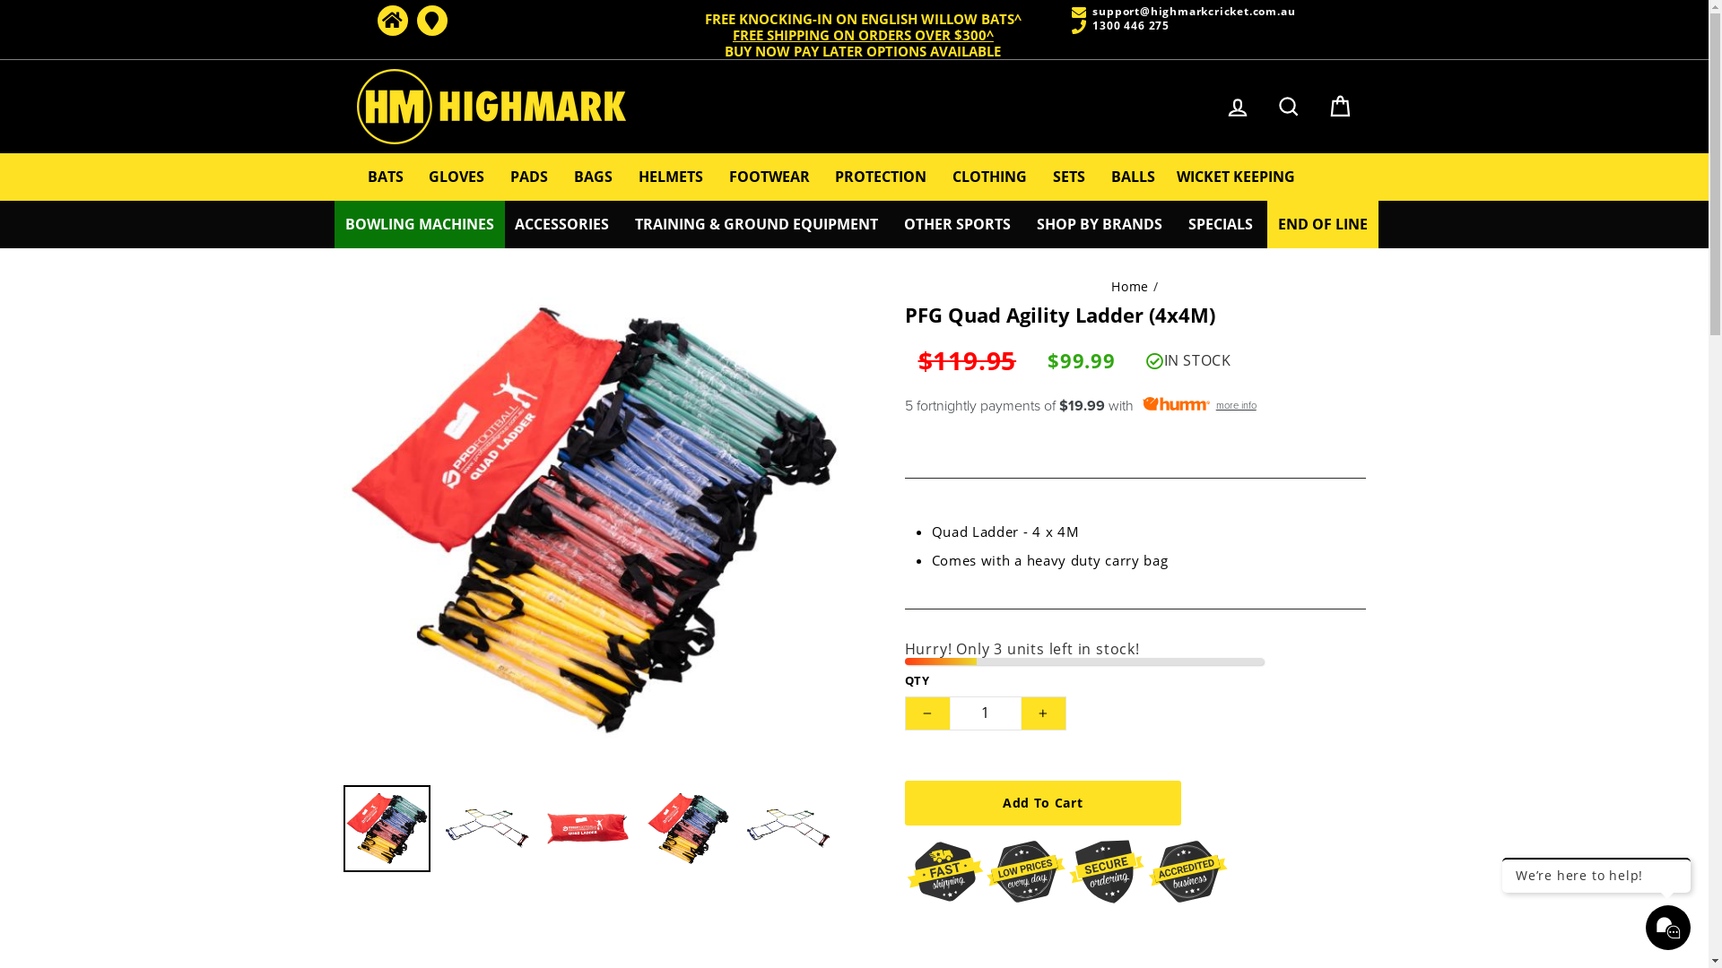 The height and width of the screenshot is (968, 1722). What do you see at coordinates (528, 177) in the screenshot?
I see `'PADS'` at bounding box center [528, 177].